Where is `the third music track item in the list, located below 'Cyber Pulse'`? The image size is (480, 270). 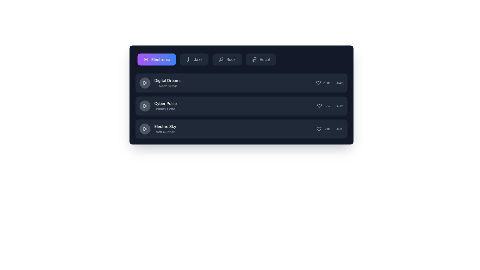
the third music track item in the list, located below 'Cyber Pulse' is located at coordinates (157, 129).